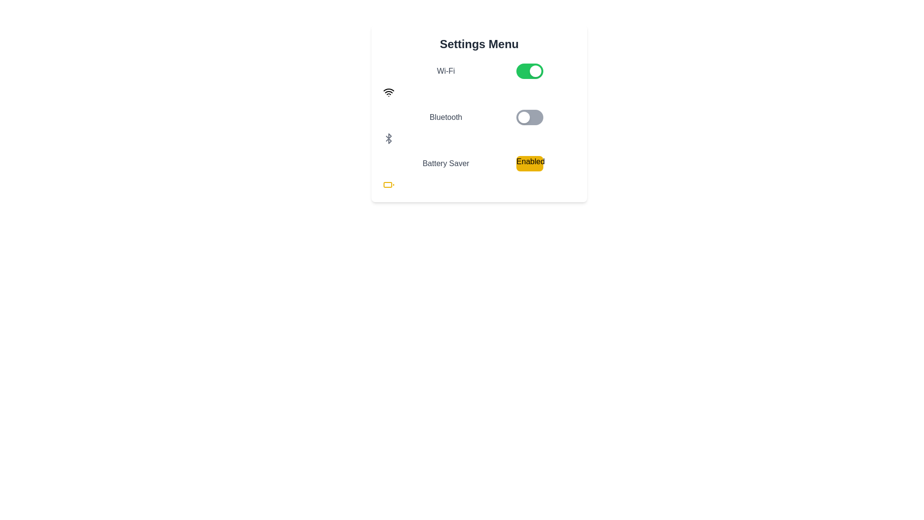  Describe the element at coordinates (479, 80) in the screenshot. I see `the Wi-Fi toggle switch` at that location.